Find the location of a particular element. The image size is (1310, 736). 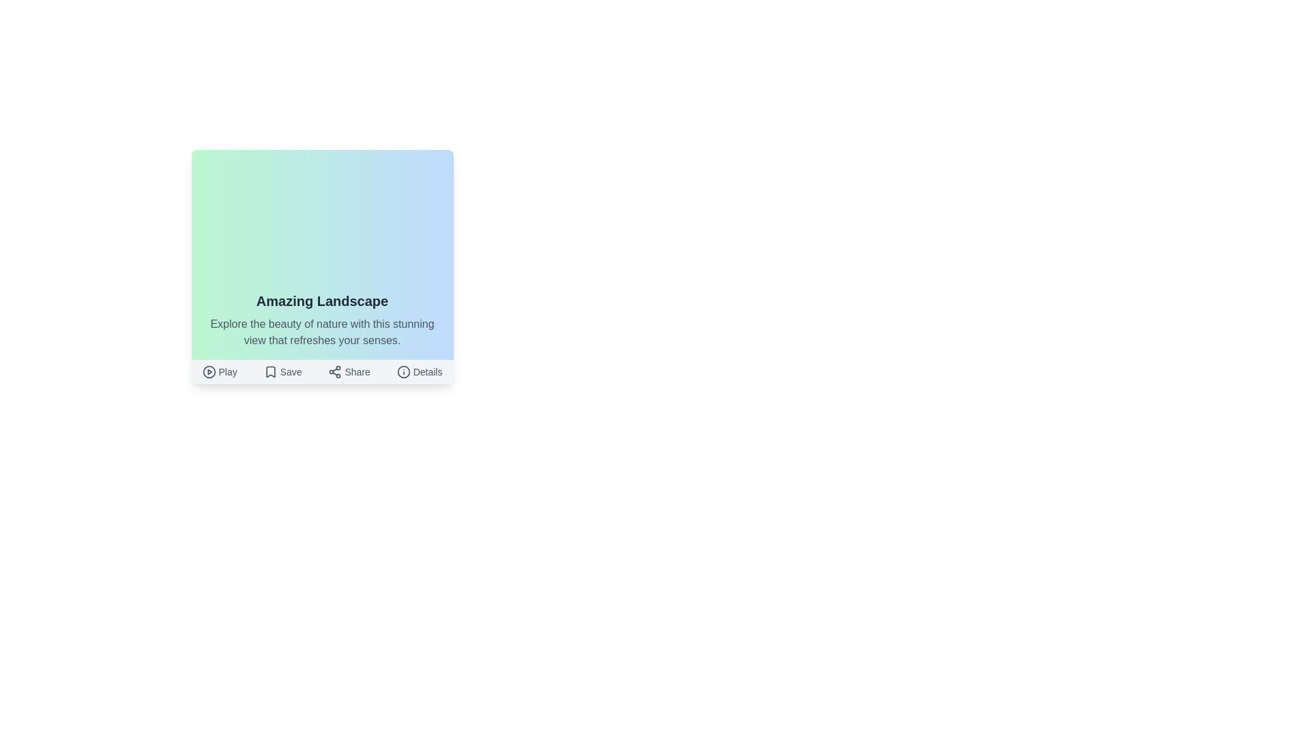

the bookmark-shaped icon next to the 'Save' text in the horizontal navigation bar at the bottom of the content card is located at coordinates (270, 372).